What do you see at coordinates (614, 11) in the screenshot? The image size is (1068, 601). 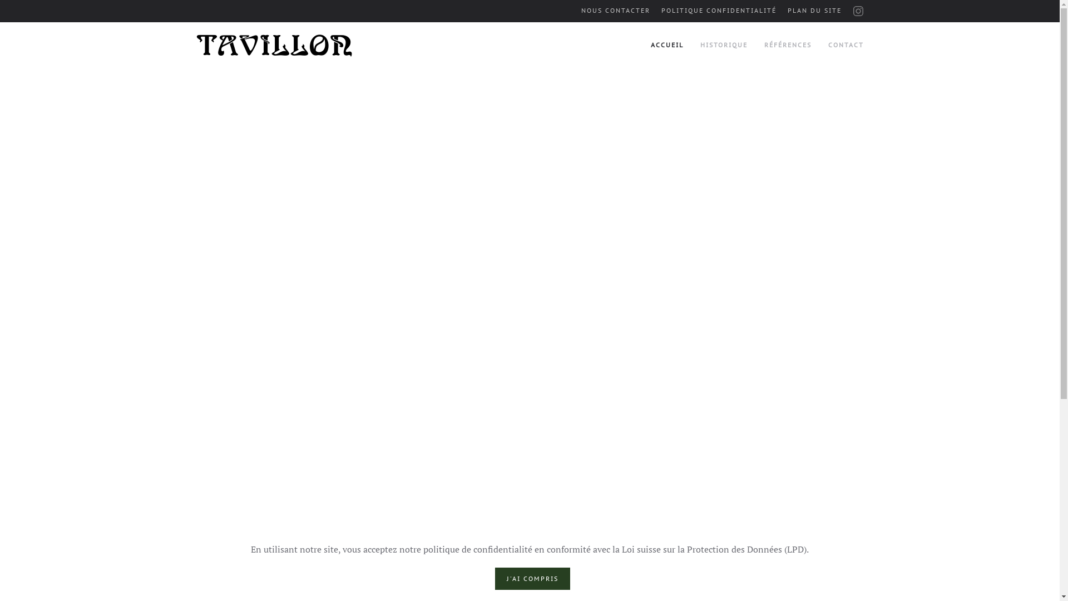 I see `'NOUS CONTACTER'` at bounding box center [614, 11].